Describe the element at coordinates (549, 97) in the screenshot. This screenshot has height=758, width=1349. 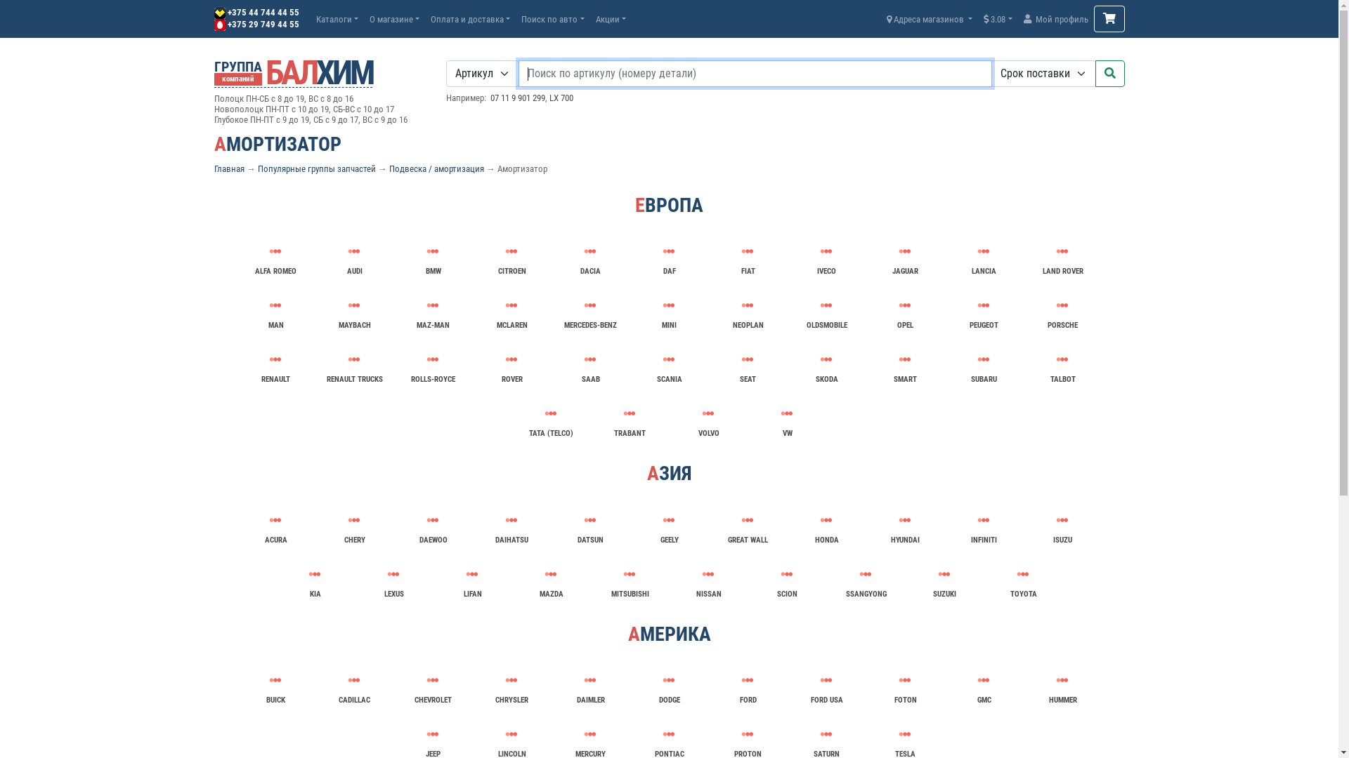
I see `'LX 700'` at that location.